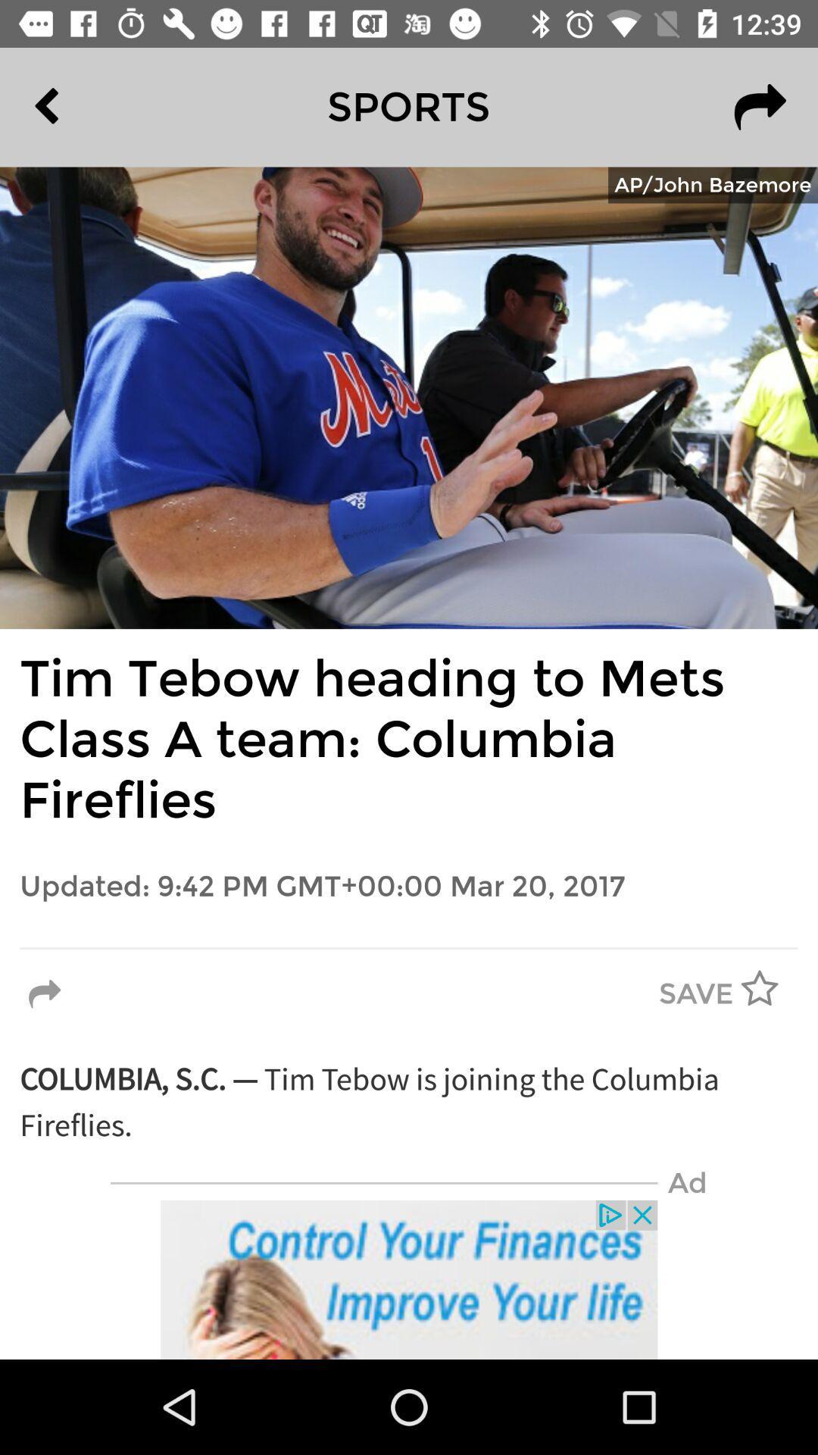  What do you see at coordinates (760, 106) in the screenshot?
I see `top right` at bounding box center [760, 106].